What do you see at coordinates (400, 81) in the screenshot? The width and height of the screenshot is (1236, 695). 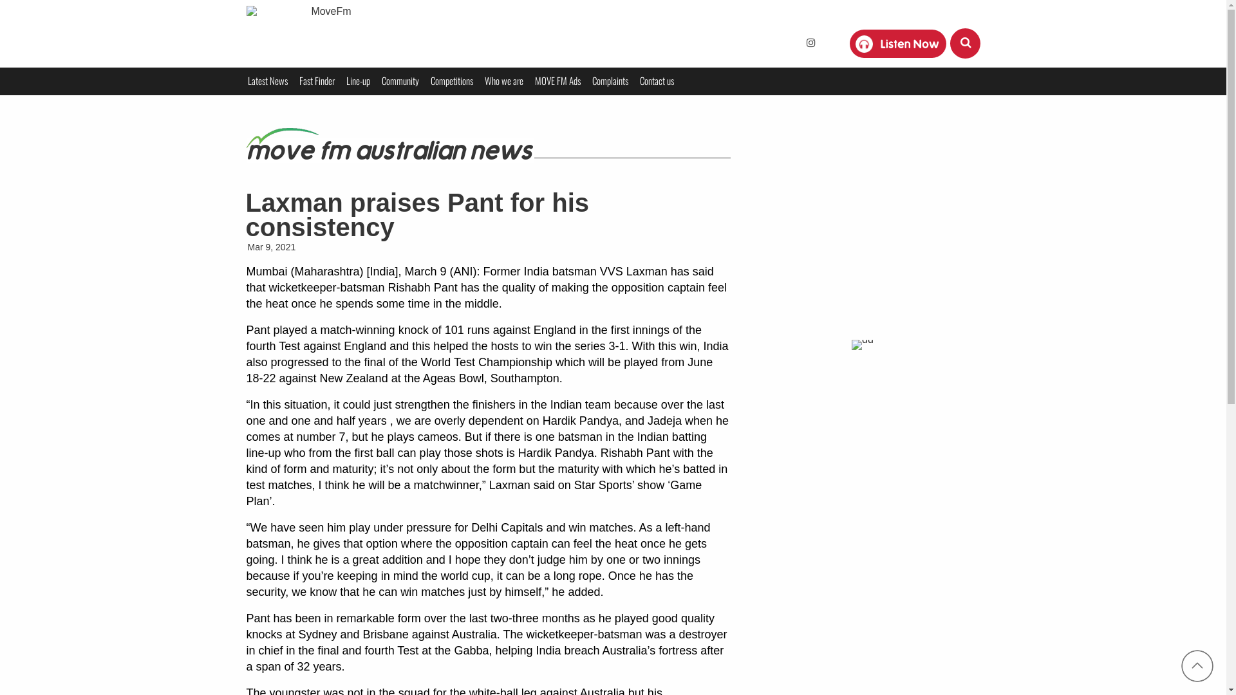 I see `'Community'` at bounding box center [400, 81].